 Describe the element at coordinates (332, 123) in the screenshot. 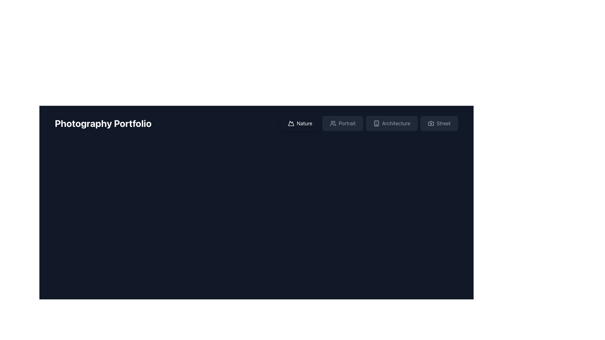

I see `the graphical icon depicting a group of people, which is located at the center-left of the 'Portrait' button in the toolbar` at that location.